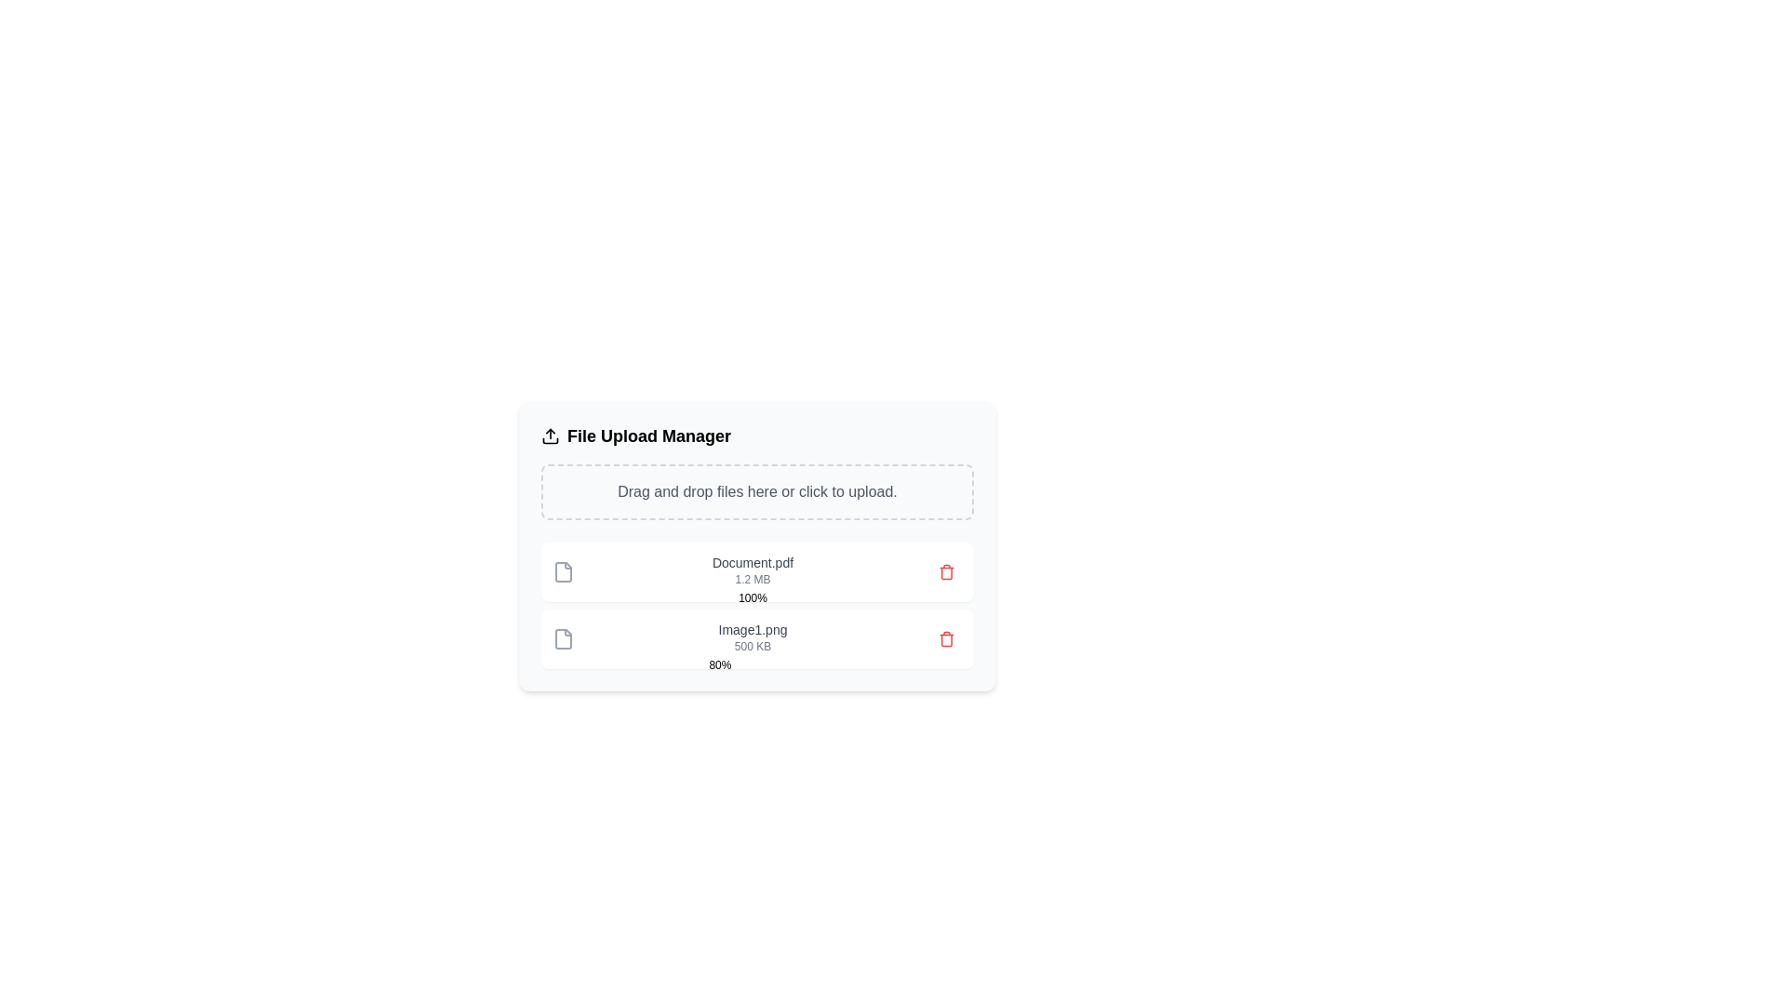 The image size is (1786, 1005). Describe the element at coordinates (757, 570) in the screenshot. I see `the file entry component displaying 'Document.pdf'` at that location.